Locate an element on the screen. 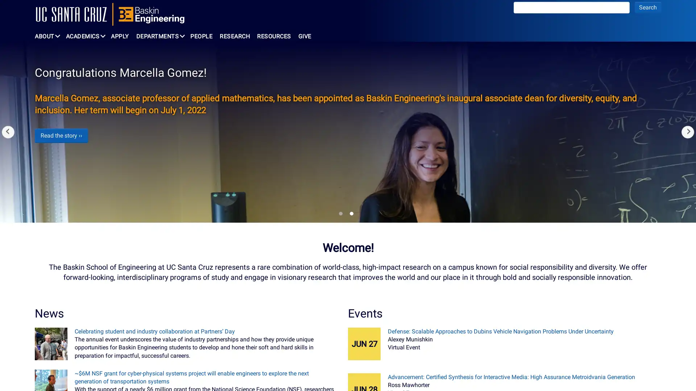  2 is located at coordinates (351, 213).